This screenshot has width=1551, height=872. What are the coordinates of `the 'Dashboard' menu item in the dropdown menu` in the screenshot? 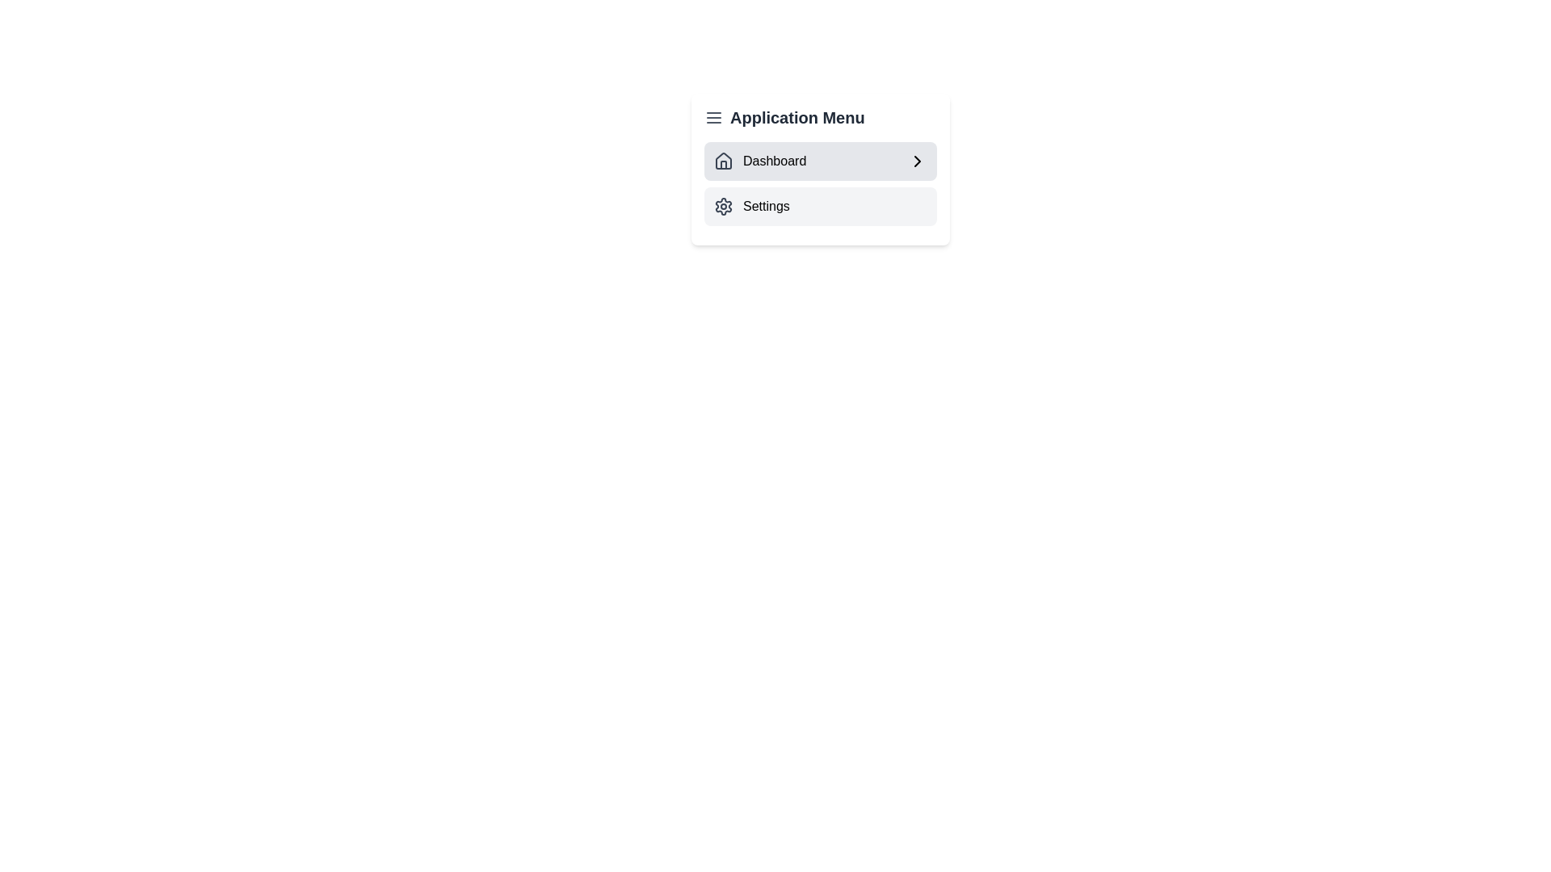 It's located at (821, 169).